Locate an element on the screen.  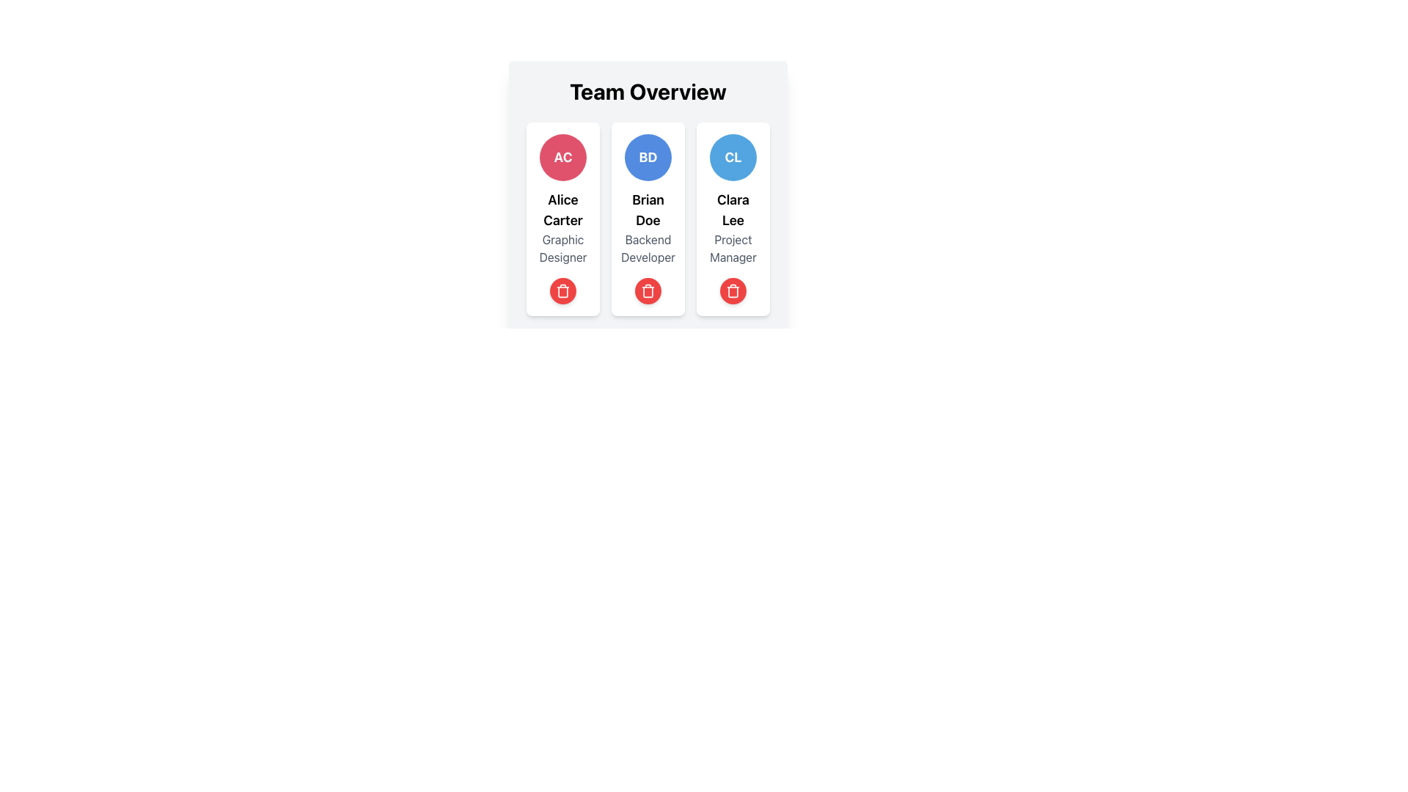
the circular red button with a white trash bin icon at the bottom of Clara Lee's profile card is located at coordinates (733, 291).